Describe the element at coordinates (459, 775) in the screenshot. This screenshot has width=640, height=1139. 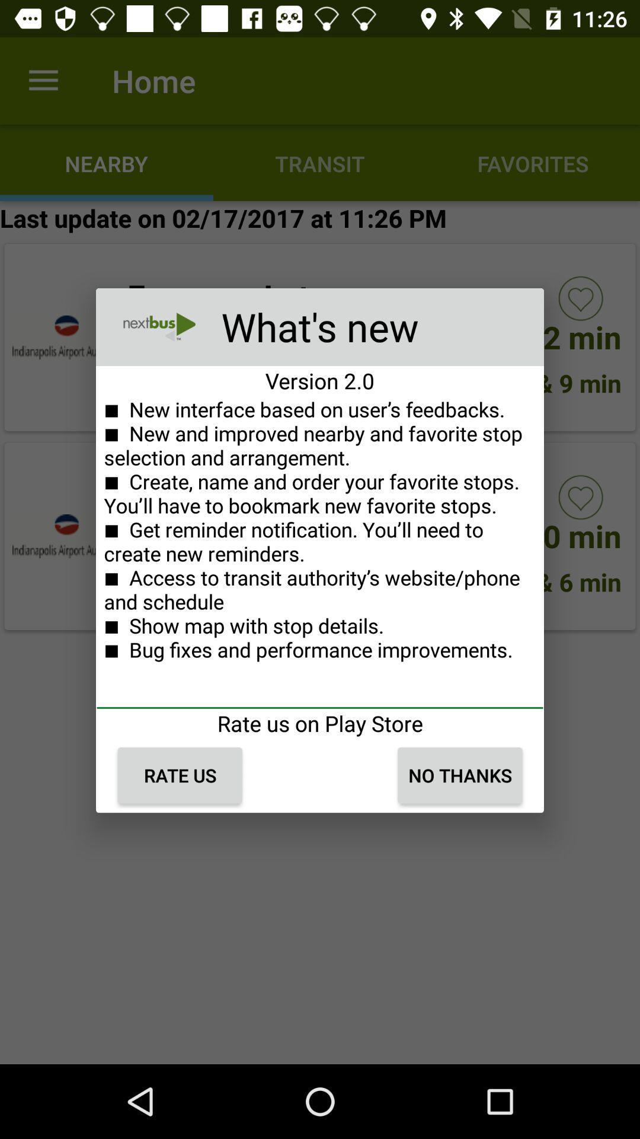
I see `the icon next to rate us item` at that location.